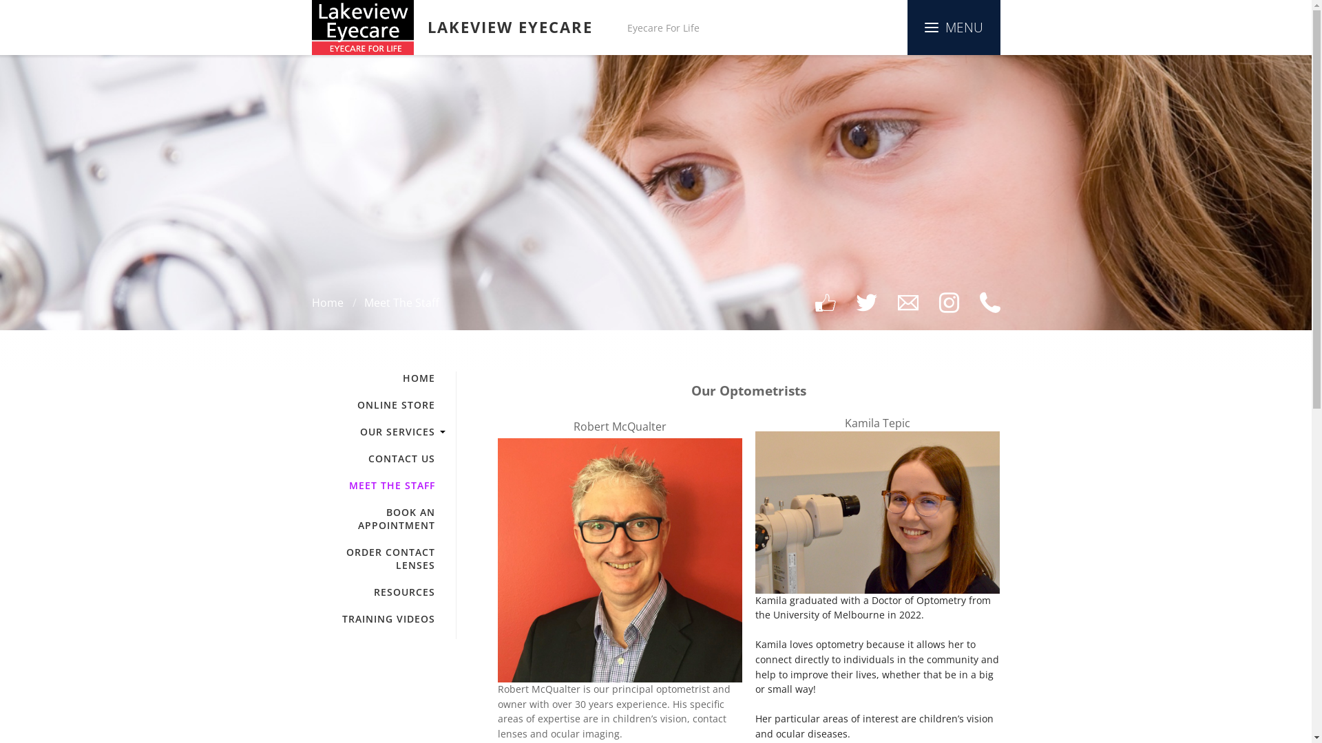 The height and width of the screenshot is (743, 1322). Describe the element at coordinates (310, 404) in the screenshot. I see `'ONLINE STORE'` at that location.